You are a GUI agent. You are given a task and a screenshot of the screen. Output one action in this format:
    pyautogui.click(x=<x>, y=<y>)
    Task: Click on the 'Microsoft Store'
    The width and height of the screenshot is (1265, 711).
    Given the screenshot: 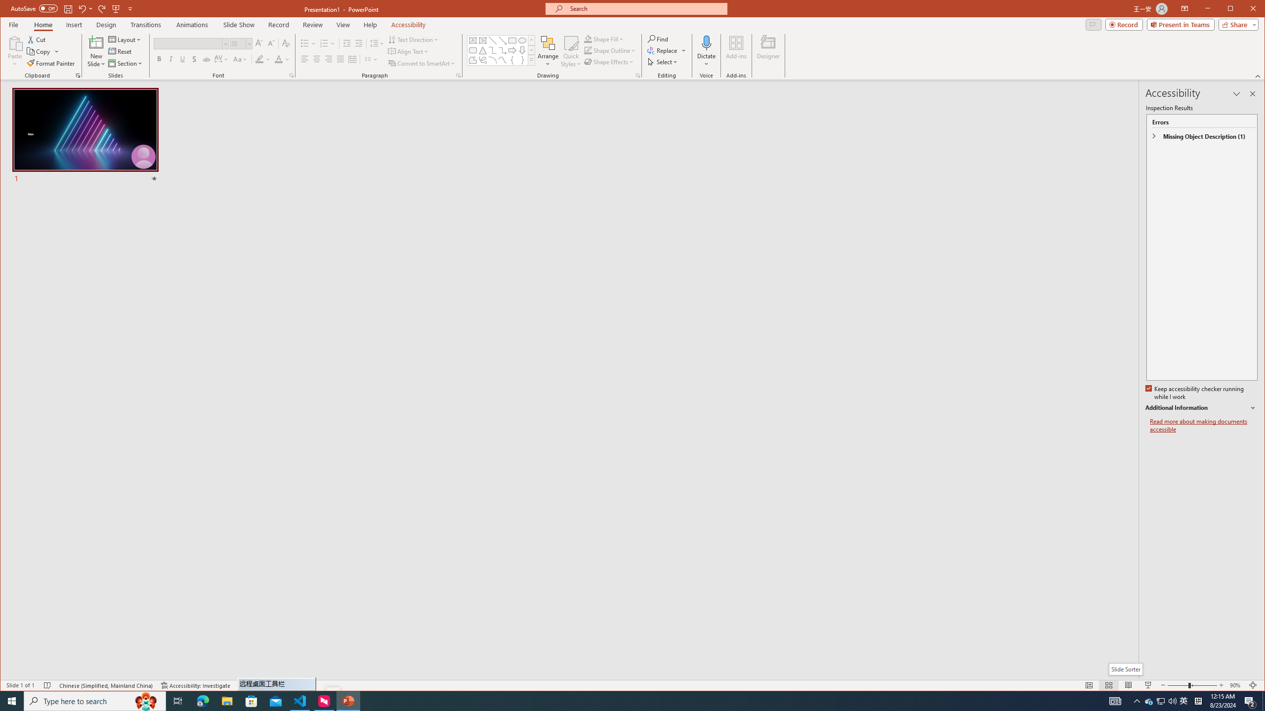 What is the action you would take?
    pyautogui.click(x=252, y=700)
    